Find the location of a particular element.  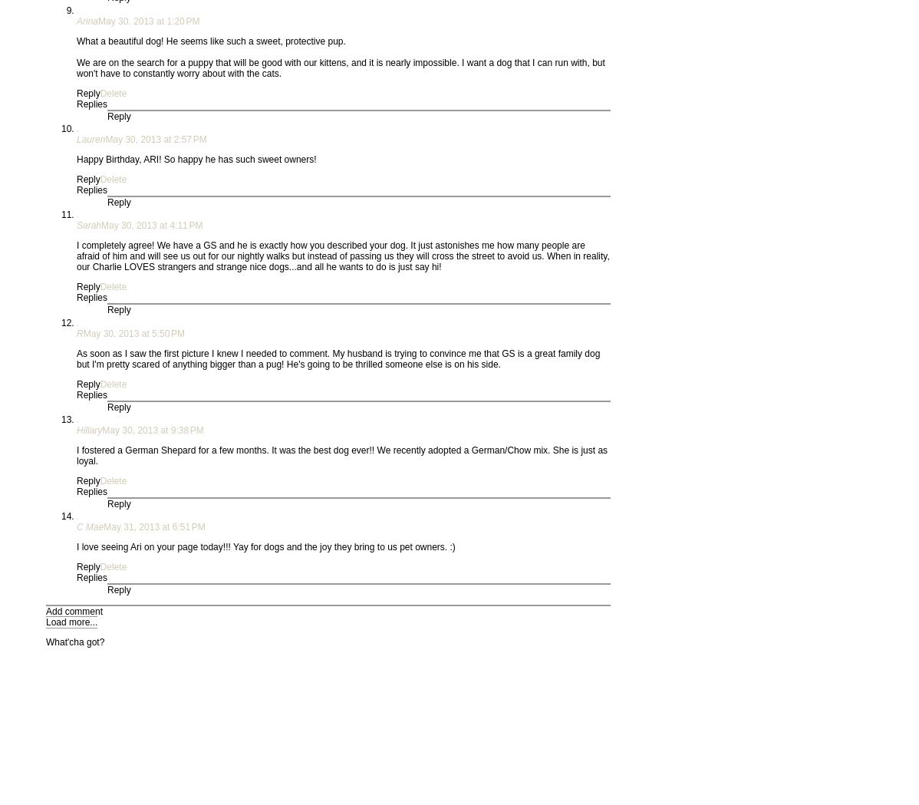

'May 30, 2013 at 2:57 PM' is located at coordinates (155, 137).